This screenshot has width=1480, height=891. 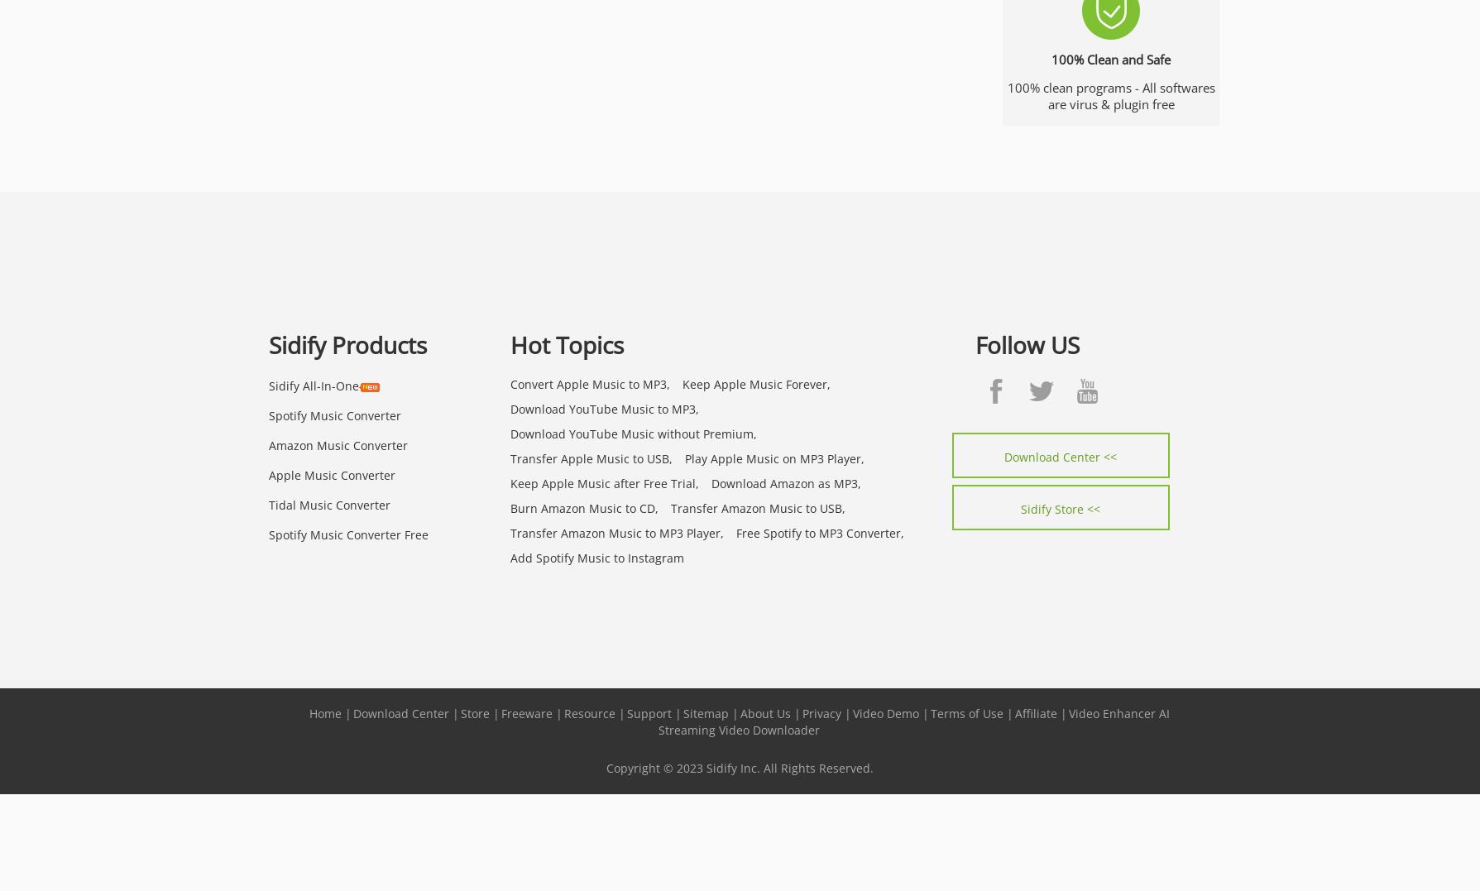 I want to click on 'Home', so click(x=323, y=711).